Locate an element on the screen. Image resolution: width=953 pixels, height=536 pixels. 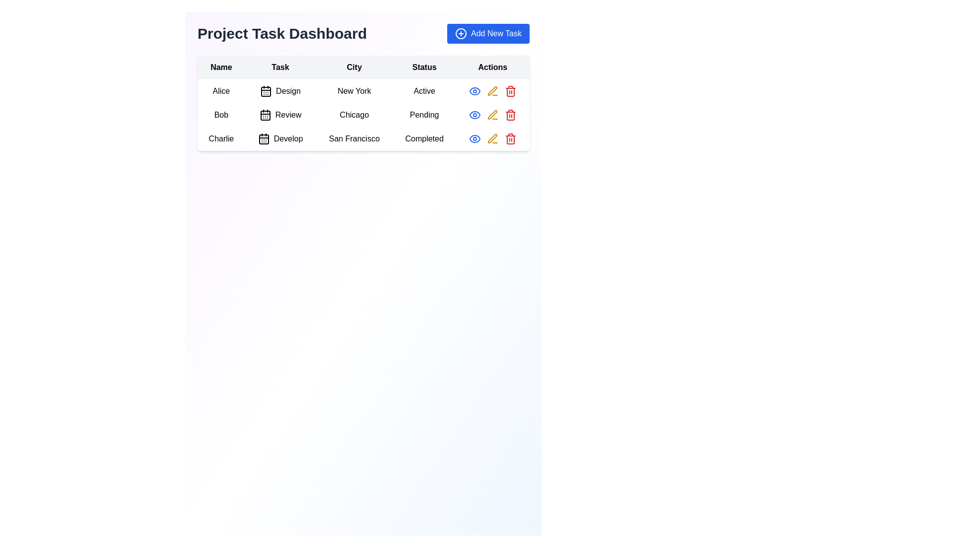
the 'Actions' label, which is styled with bold black text and centered in a light gray rectangular box, positioned in the fifth column of the header row in a table layout is located at coordinates (492, 67).